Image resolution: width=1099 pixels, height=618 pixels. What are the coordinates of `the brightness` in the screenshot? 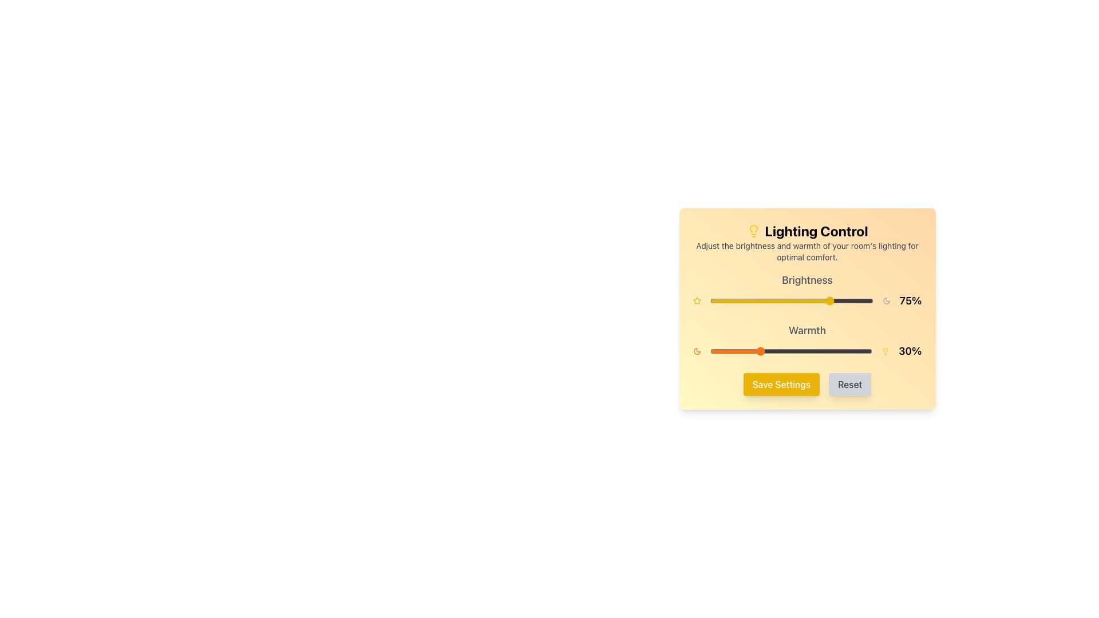 It's located at (789, 300).